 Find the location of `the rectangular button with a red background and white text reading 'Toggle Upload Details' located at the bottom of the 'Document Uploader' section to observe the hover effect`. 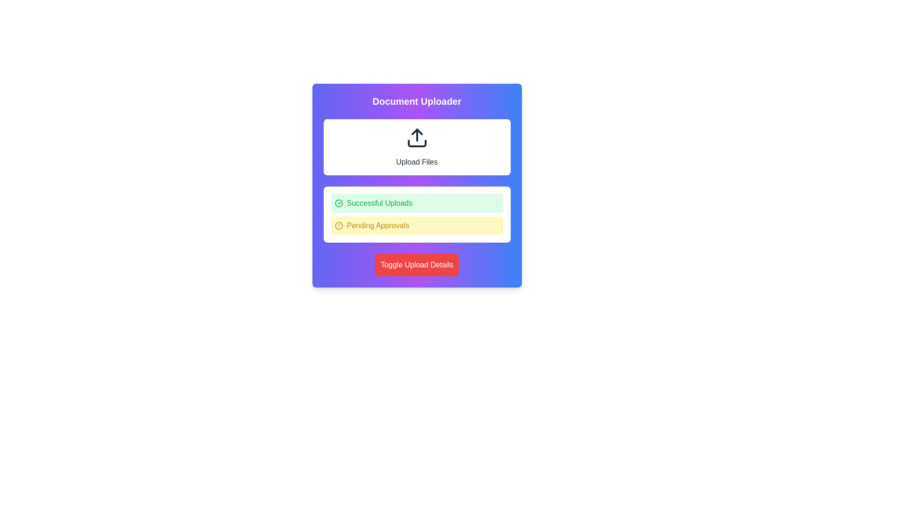

the rectangular button with a red background and white text reading 'Toggle Upload Details' located at the bottom of the 'Document Uploader' section to observe the hover effect is located at coordinates (416, 265).